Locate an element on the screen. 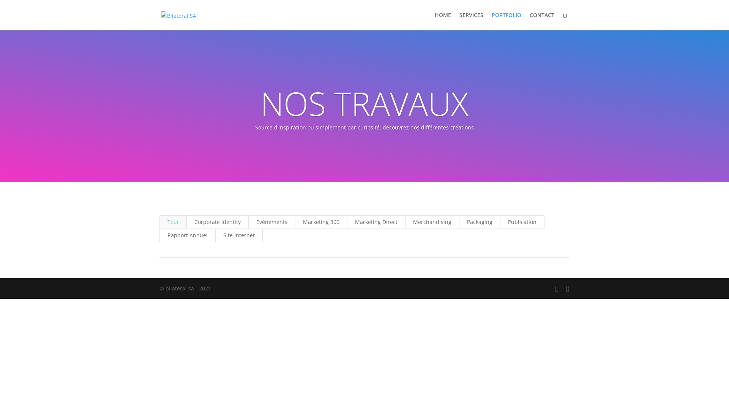 This screenshot has width=729, height=410. 'Publication' is located at coordinates (522, 222).